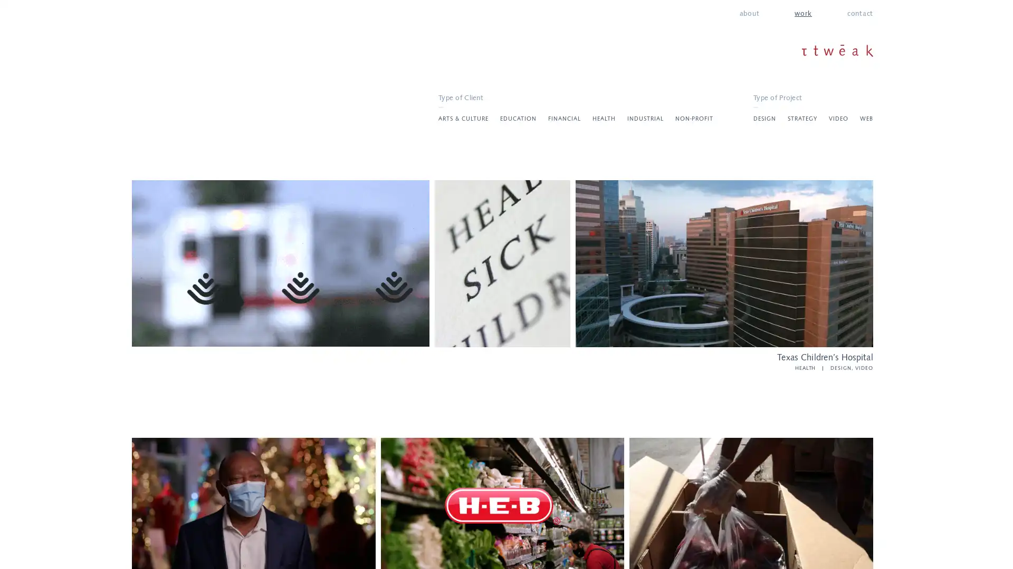 The image size is (1013, 569). I want to click on EDUCATION, so click(518, 119).